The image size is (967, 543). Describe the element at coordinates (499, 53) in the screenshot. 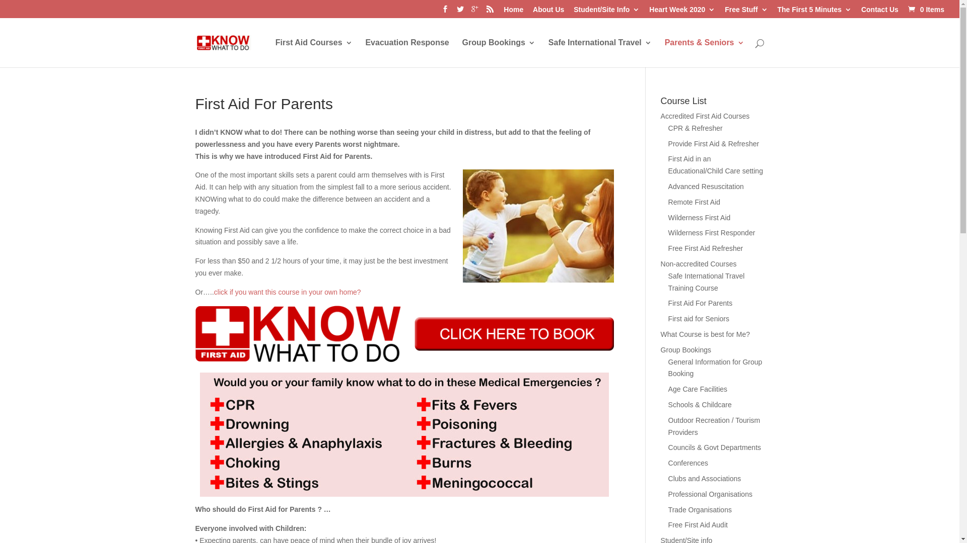

I see `'Group Bookings'` at that location.